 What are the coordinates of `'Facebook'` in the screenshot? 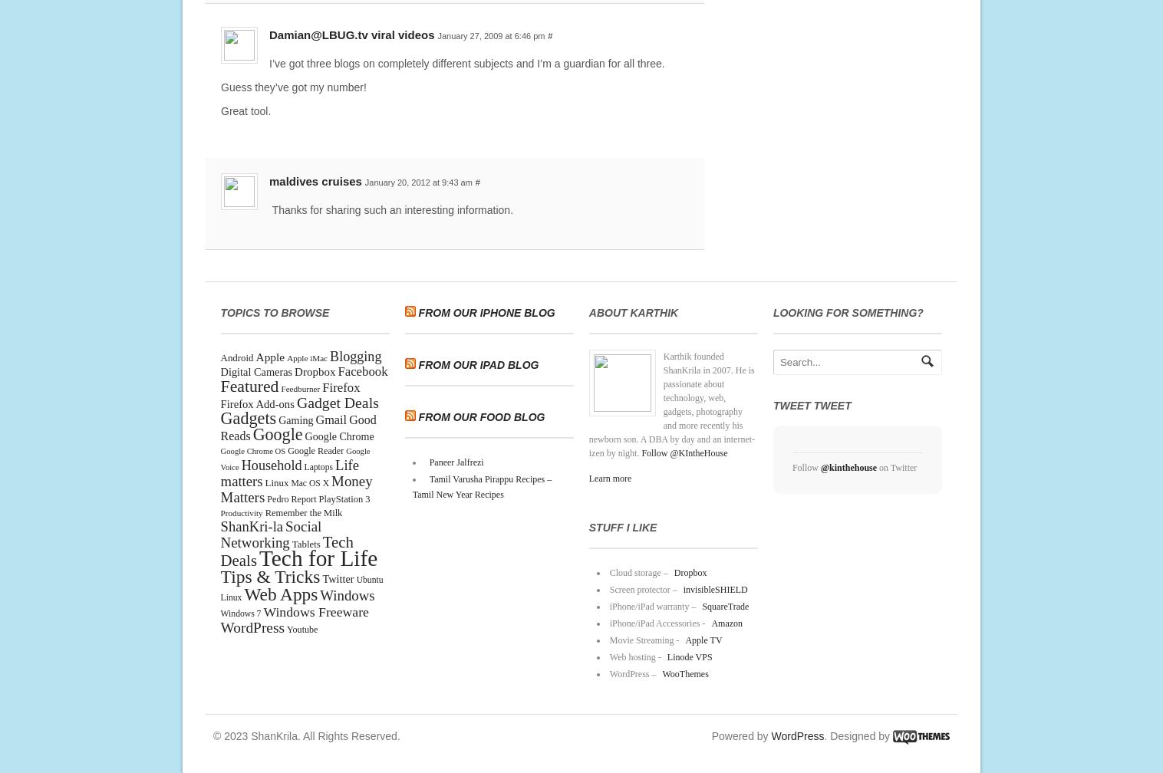 It's located at (361, 370).